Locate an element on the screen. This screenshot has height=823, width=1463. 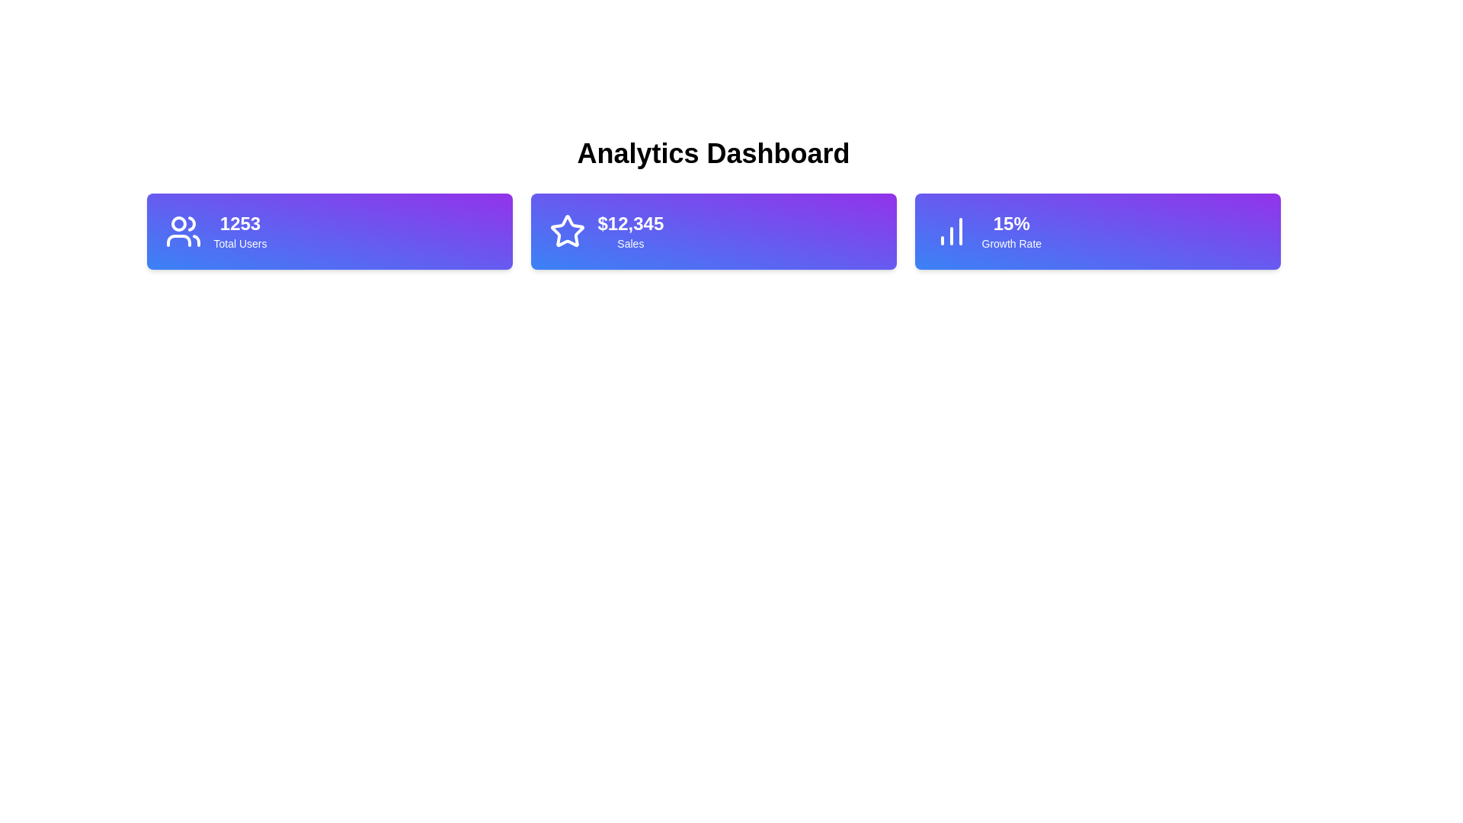
information displayed on the text component showing '$12,345' Sales, which is prominently styled in bold on a purple background card is located at coordinates (630, 232).